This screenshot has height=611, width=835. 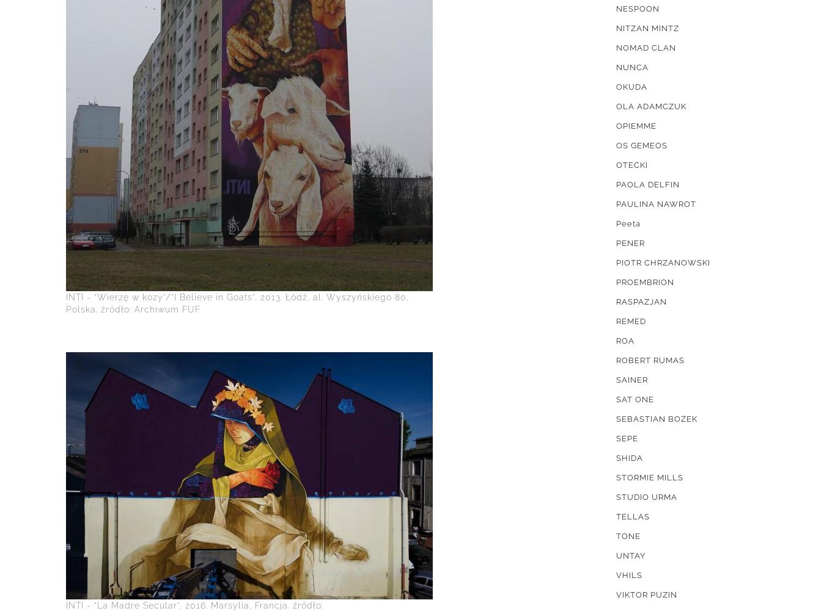 What do you see at coordinates (649, 477) in the screenshot?
I see `'STORMIE MILLS'` at bounding box center [649, 477].